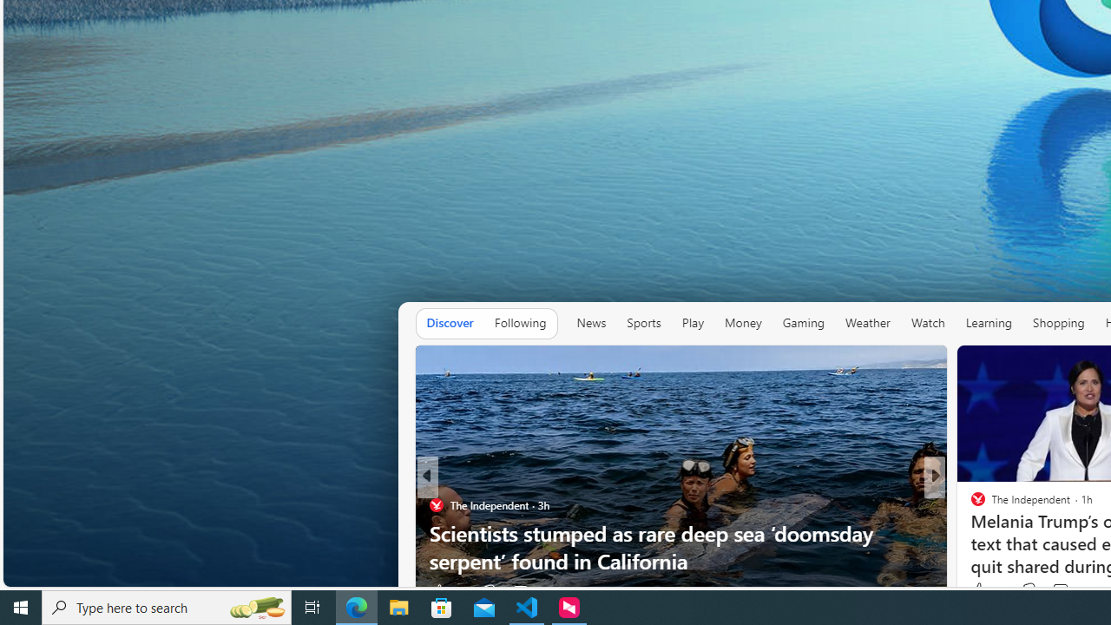  Describe the element at coordinates (1059, 589) in the screenshot. I see `'View comments 133 Comment'` at that location.